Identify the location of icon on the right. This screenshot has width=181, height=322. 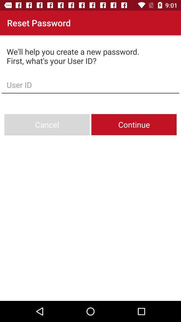
(134, 124).